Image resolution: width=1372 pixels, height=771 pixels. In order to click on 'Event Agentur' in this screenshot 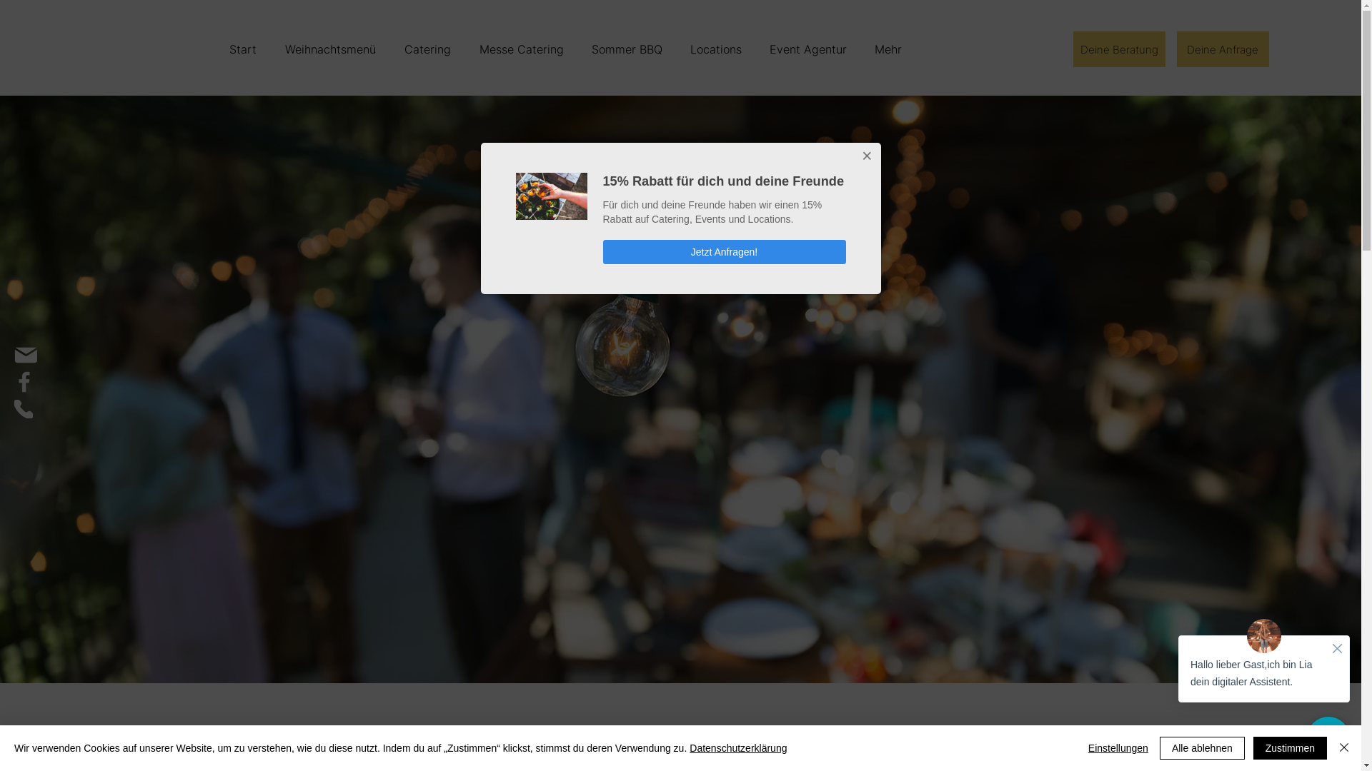, I will do `click(807, 49)`.